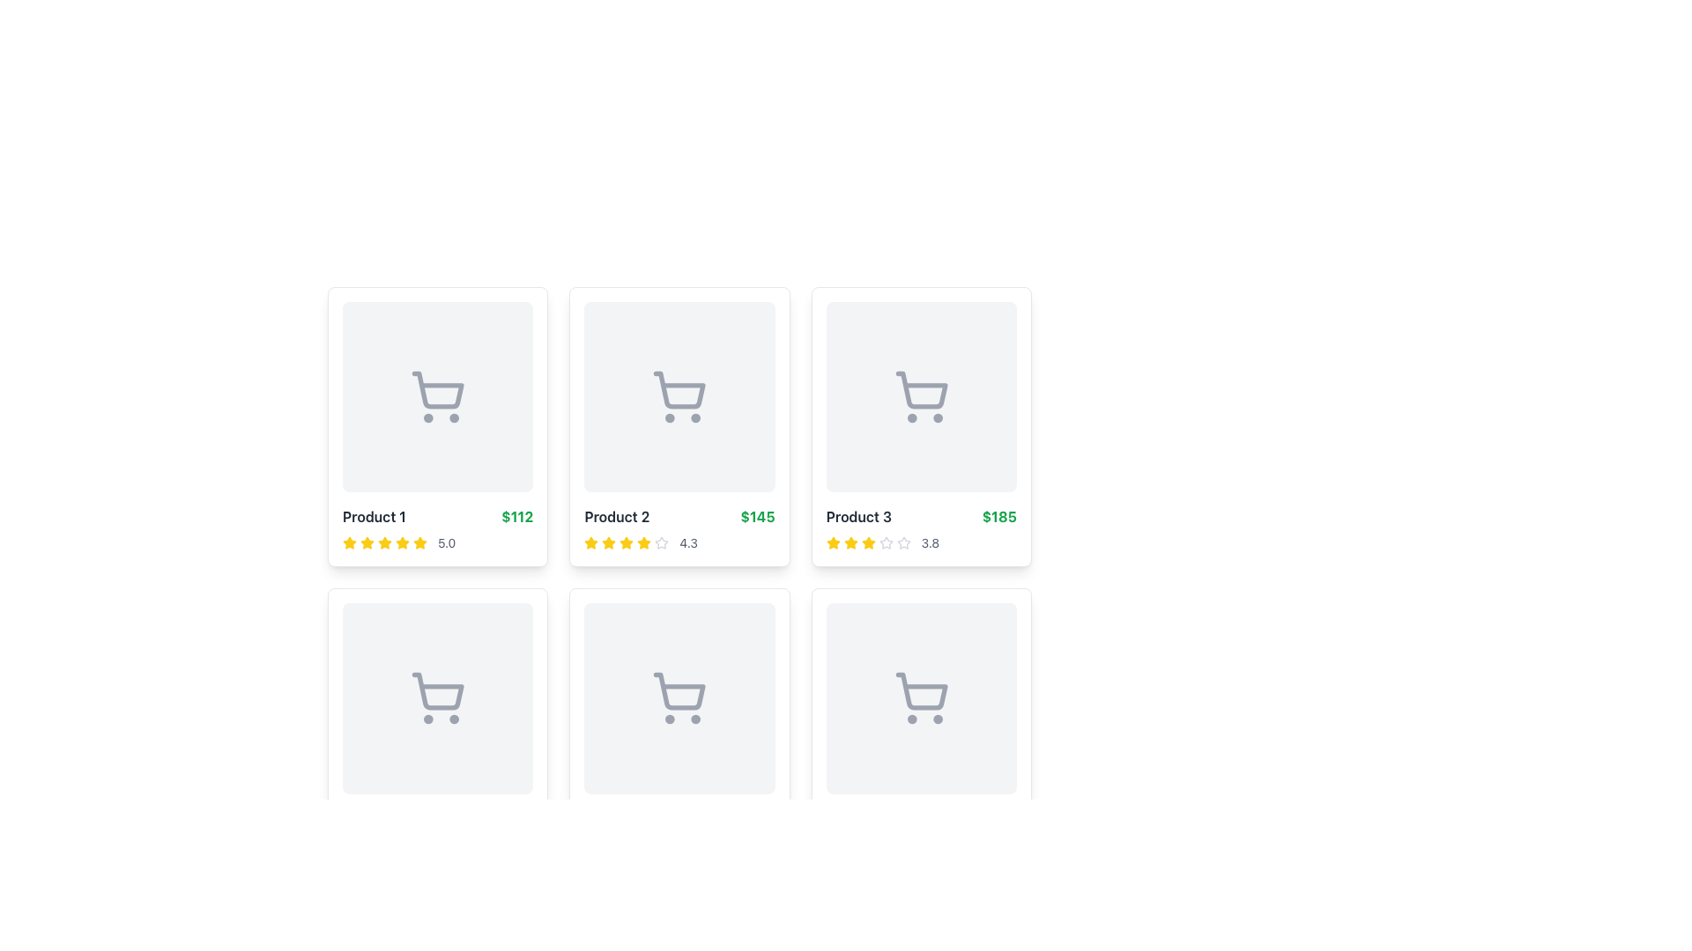  I want to click on the product item card located in the second row, third column of the grid layout, which displays product details like name, price, and ratings, so click(920, 728).